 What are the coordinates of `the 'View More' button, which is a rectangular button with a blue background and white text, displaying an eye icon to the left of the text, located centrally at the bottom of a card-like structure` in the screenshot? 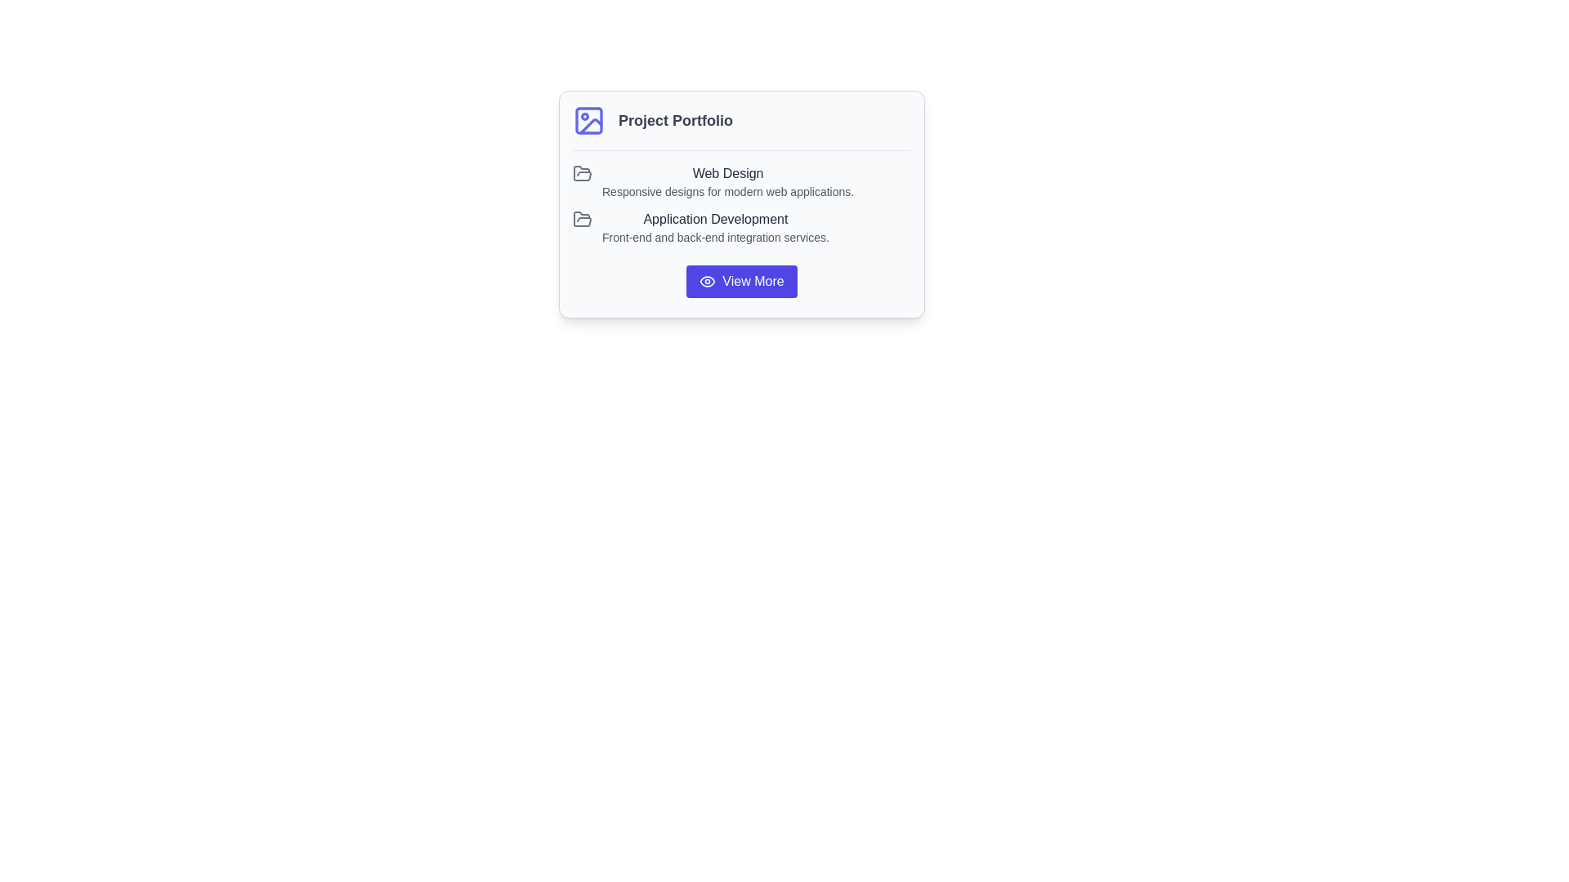 It's located at (740, 280).